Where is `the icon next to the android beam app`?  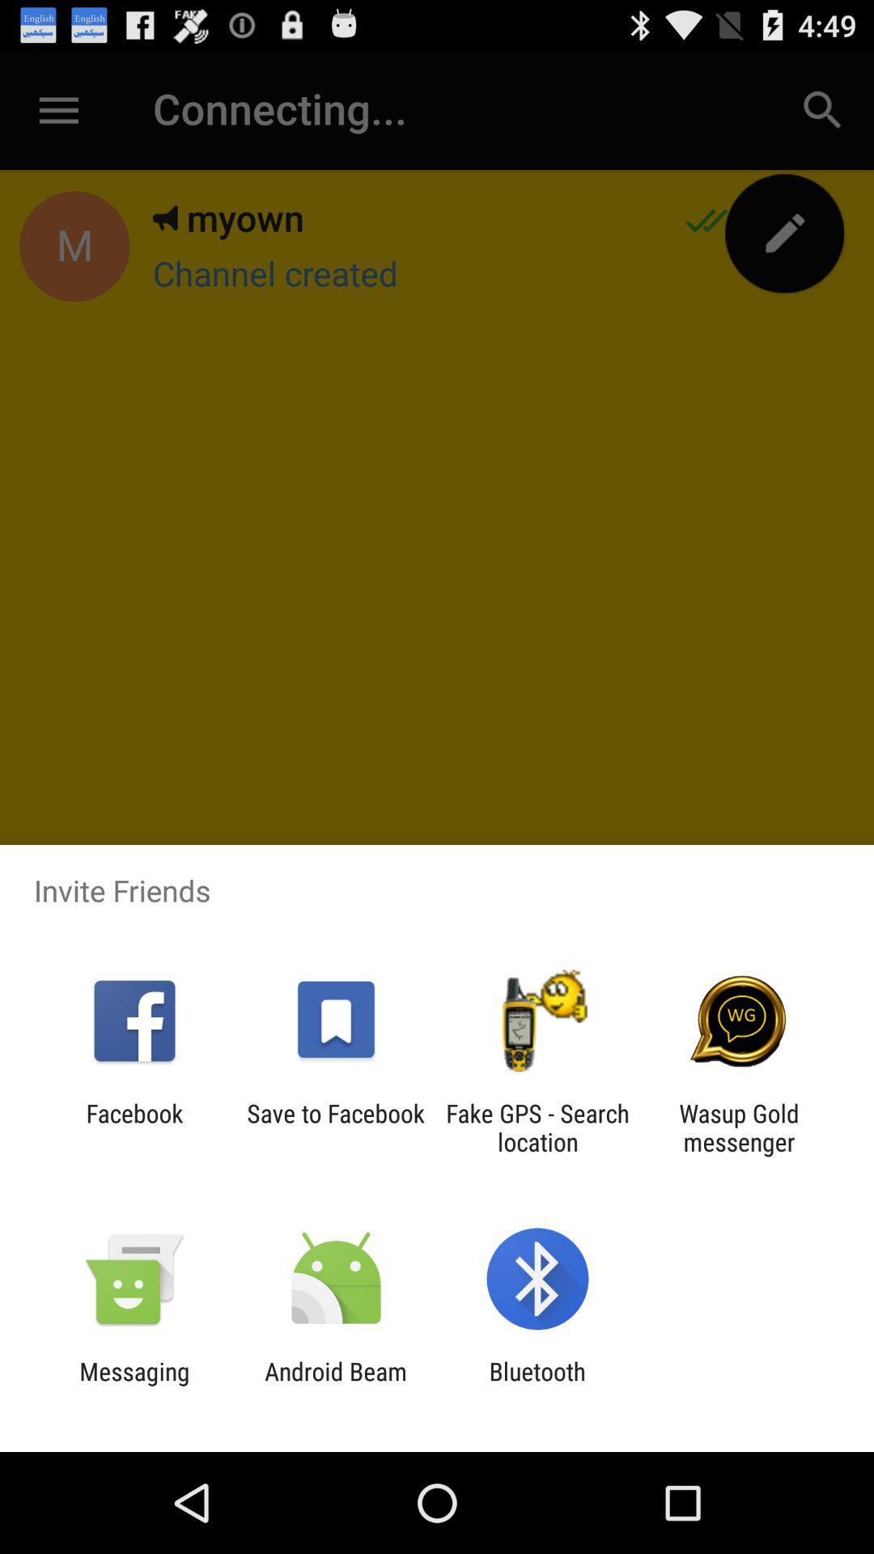
the icon next to the android beam app is located at coordinates (134, 1385).